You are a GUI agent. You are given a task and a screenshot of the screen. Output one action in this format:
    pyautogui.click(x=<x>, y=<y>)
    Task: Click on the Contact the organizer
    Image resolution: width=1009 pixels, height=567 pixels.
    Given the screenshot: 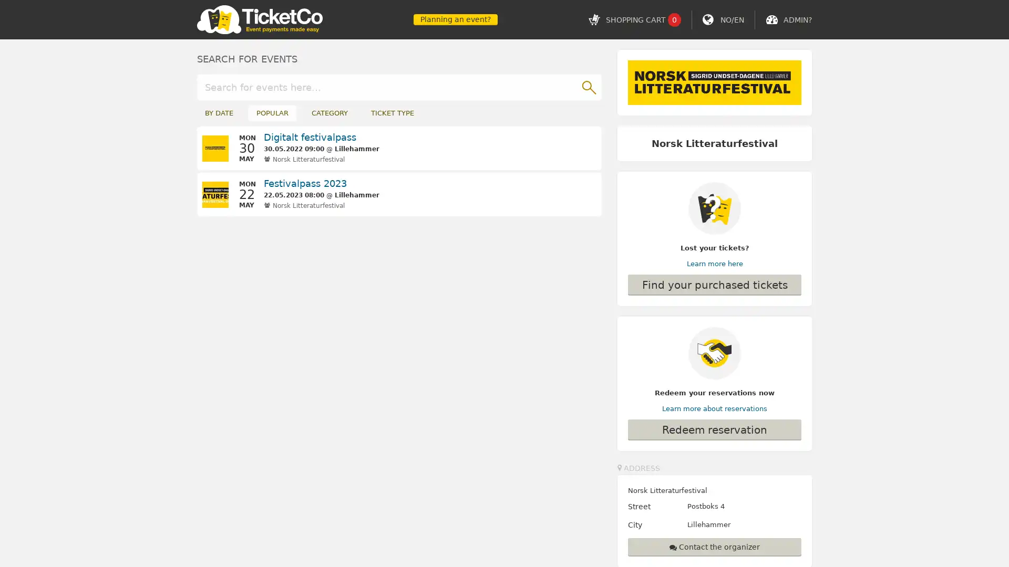 What is the action you would take?
    pyautogui.click(x=714, y=546)
    